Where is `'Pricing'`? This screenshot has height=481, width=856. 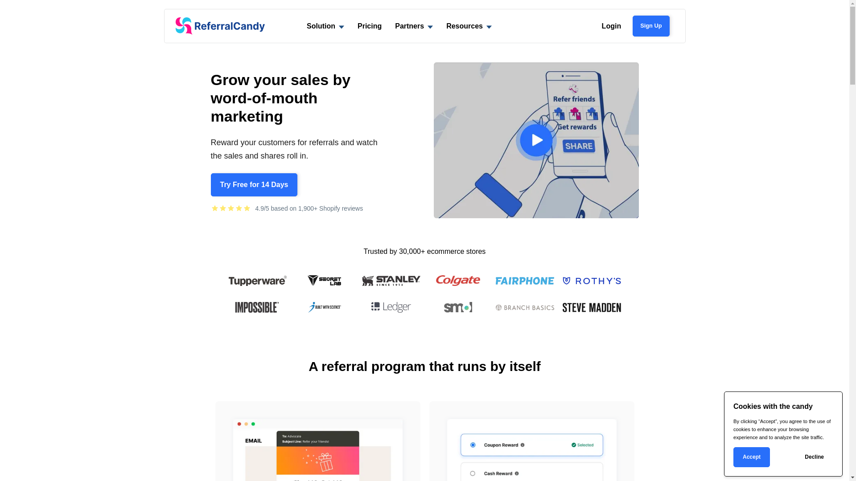 'Pricing' is located at coordinates (350, 25).